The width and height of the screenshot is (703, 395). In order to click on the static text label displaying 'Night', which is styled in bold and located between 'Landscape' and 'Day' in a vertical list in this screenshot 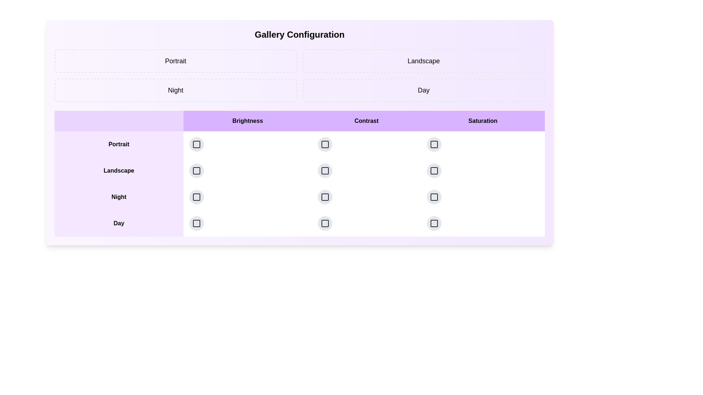, I will do `click(119, 197)`.